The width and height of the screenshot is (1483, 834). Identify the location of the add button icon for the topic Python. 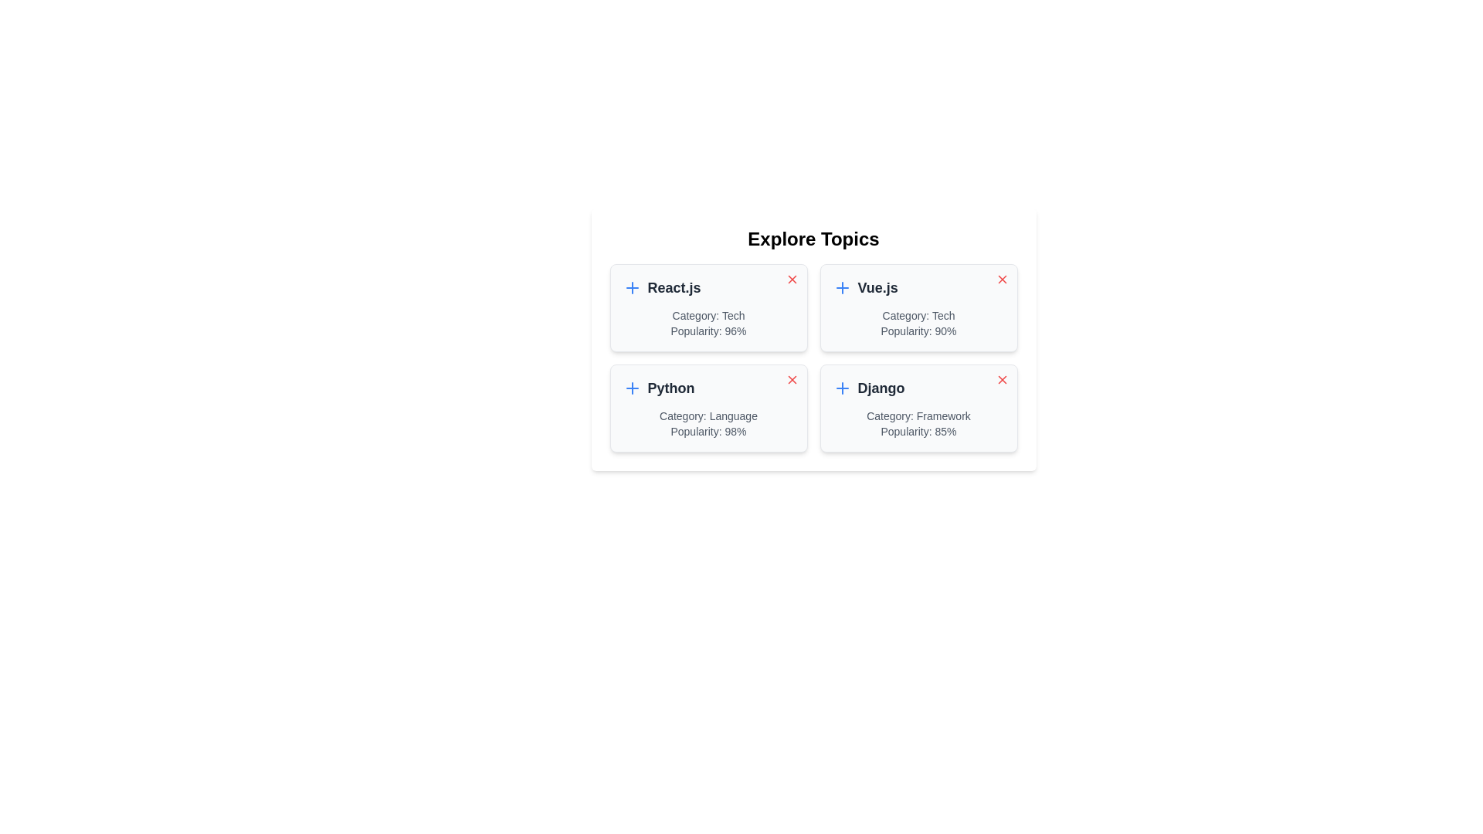
(632, 387).